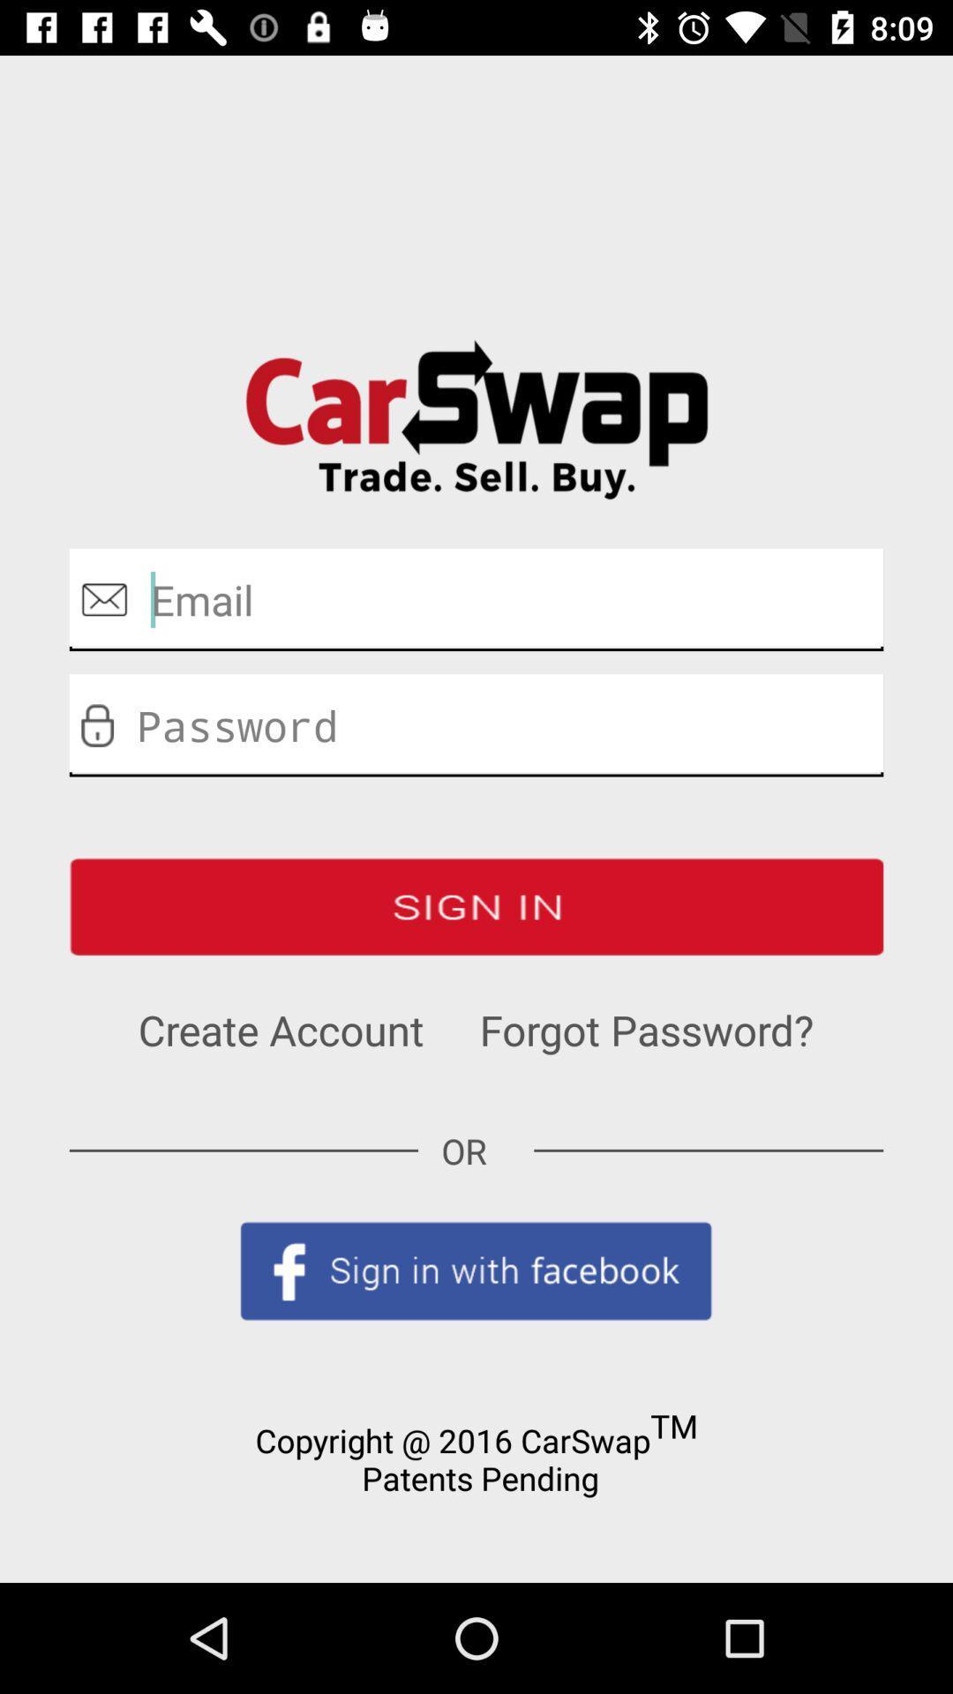 The width and height of the screenshot is (953, 1694). I want to click on this is the text box where we enter the security password for login, so click(476, 725).